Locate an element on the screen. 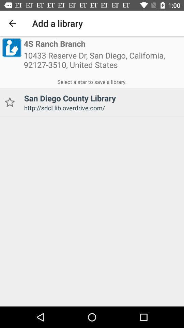  the http sdcl lib icon is located at coordinates (101, 108).